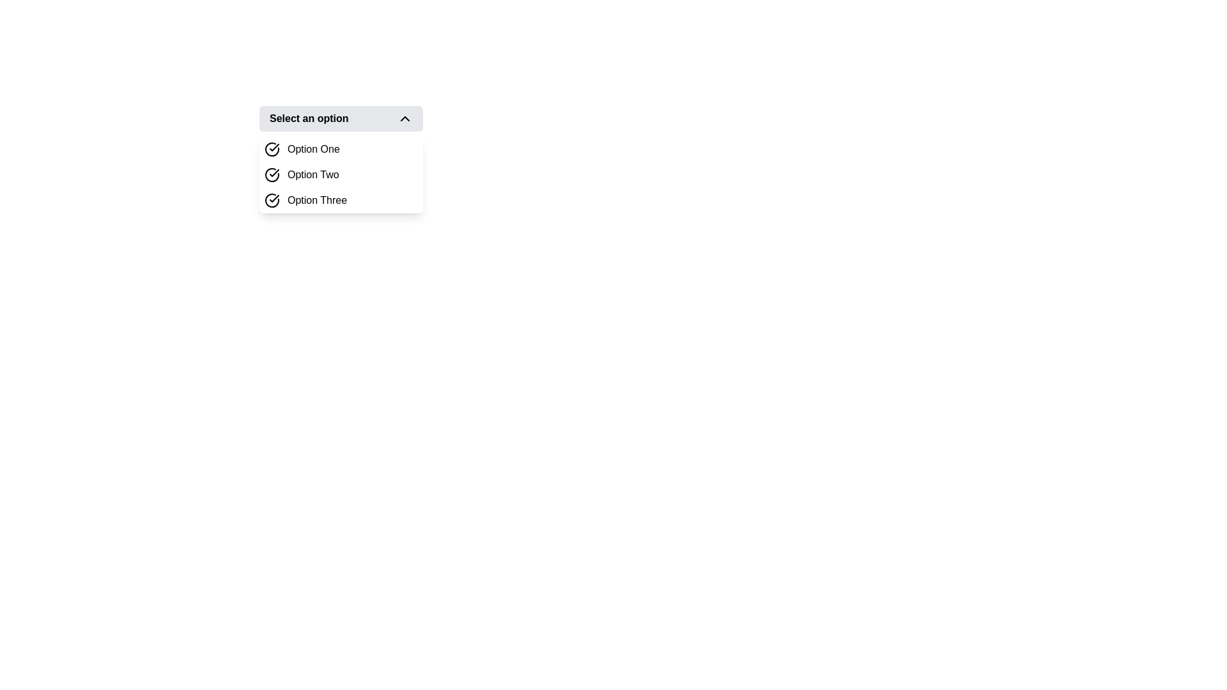 This screenshot has height=690, width=1227. Describe the element at coordinates (404, 118) in the screenshot. I see `the black upward-pointing chevron arrow icon located at the right end of the 'Select an option' button` at that location.